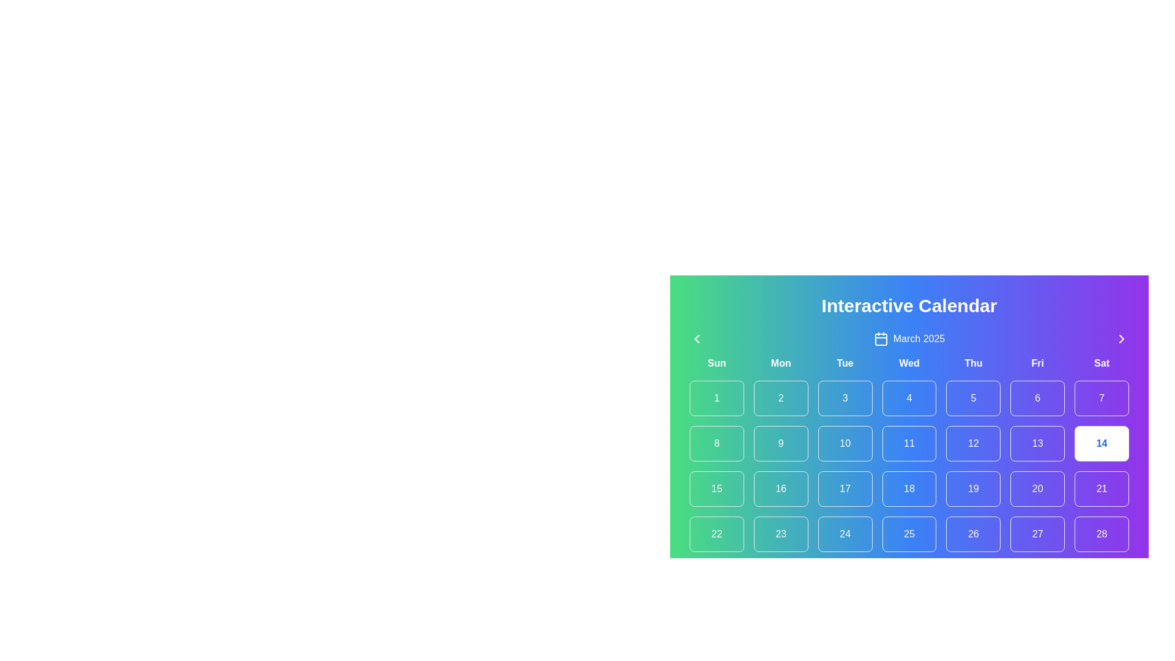 Image resolution: width=1175 pixels, height=661 pixels. Describe the element at coordinates (909, 409) in the screenshot. I see `the calendar date cell displaying the number '4' under the 'Wed' column in the March 2025 calendar` at that location.